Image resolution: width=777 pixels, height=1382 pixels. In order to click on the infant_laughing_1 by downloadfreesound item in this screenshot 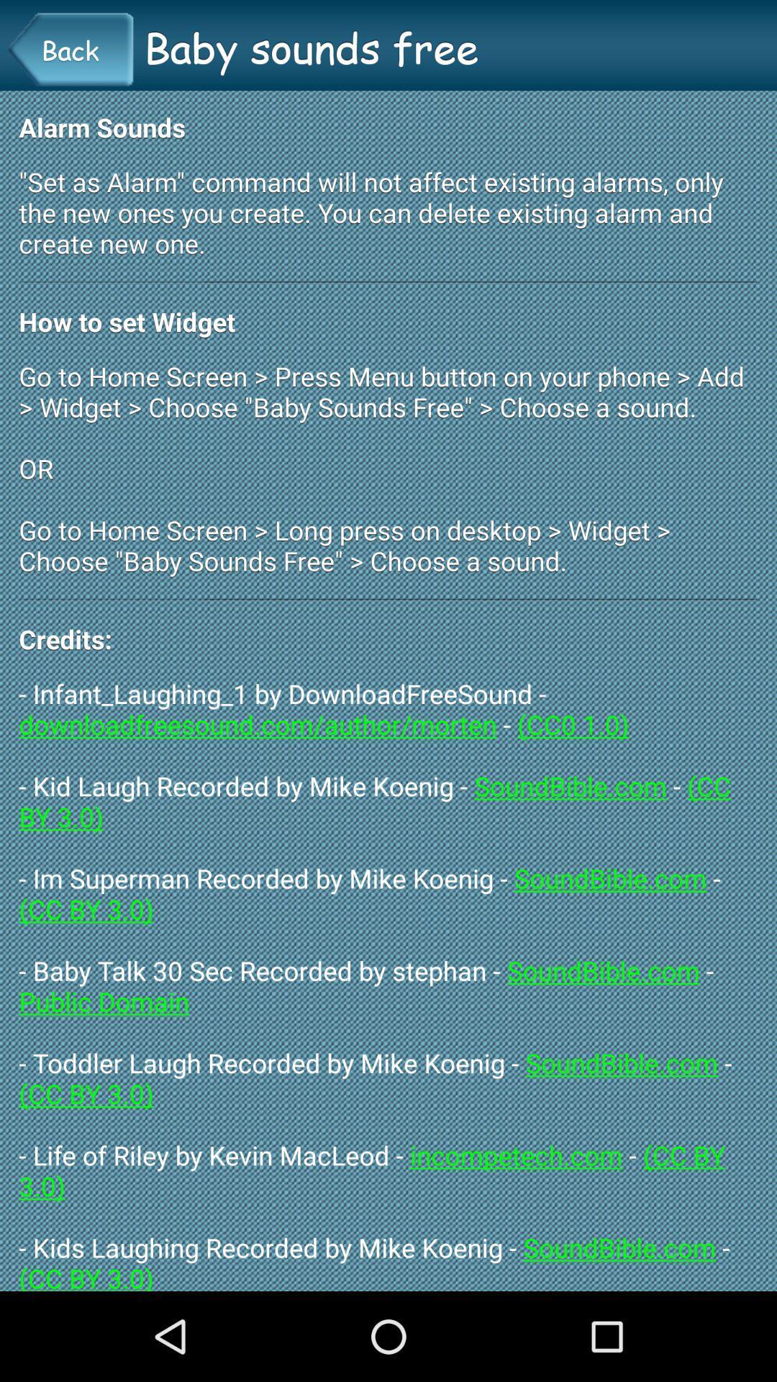, I will do `click(388, 983)`.